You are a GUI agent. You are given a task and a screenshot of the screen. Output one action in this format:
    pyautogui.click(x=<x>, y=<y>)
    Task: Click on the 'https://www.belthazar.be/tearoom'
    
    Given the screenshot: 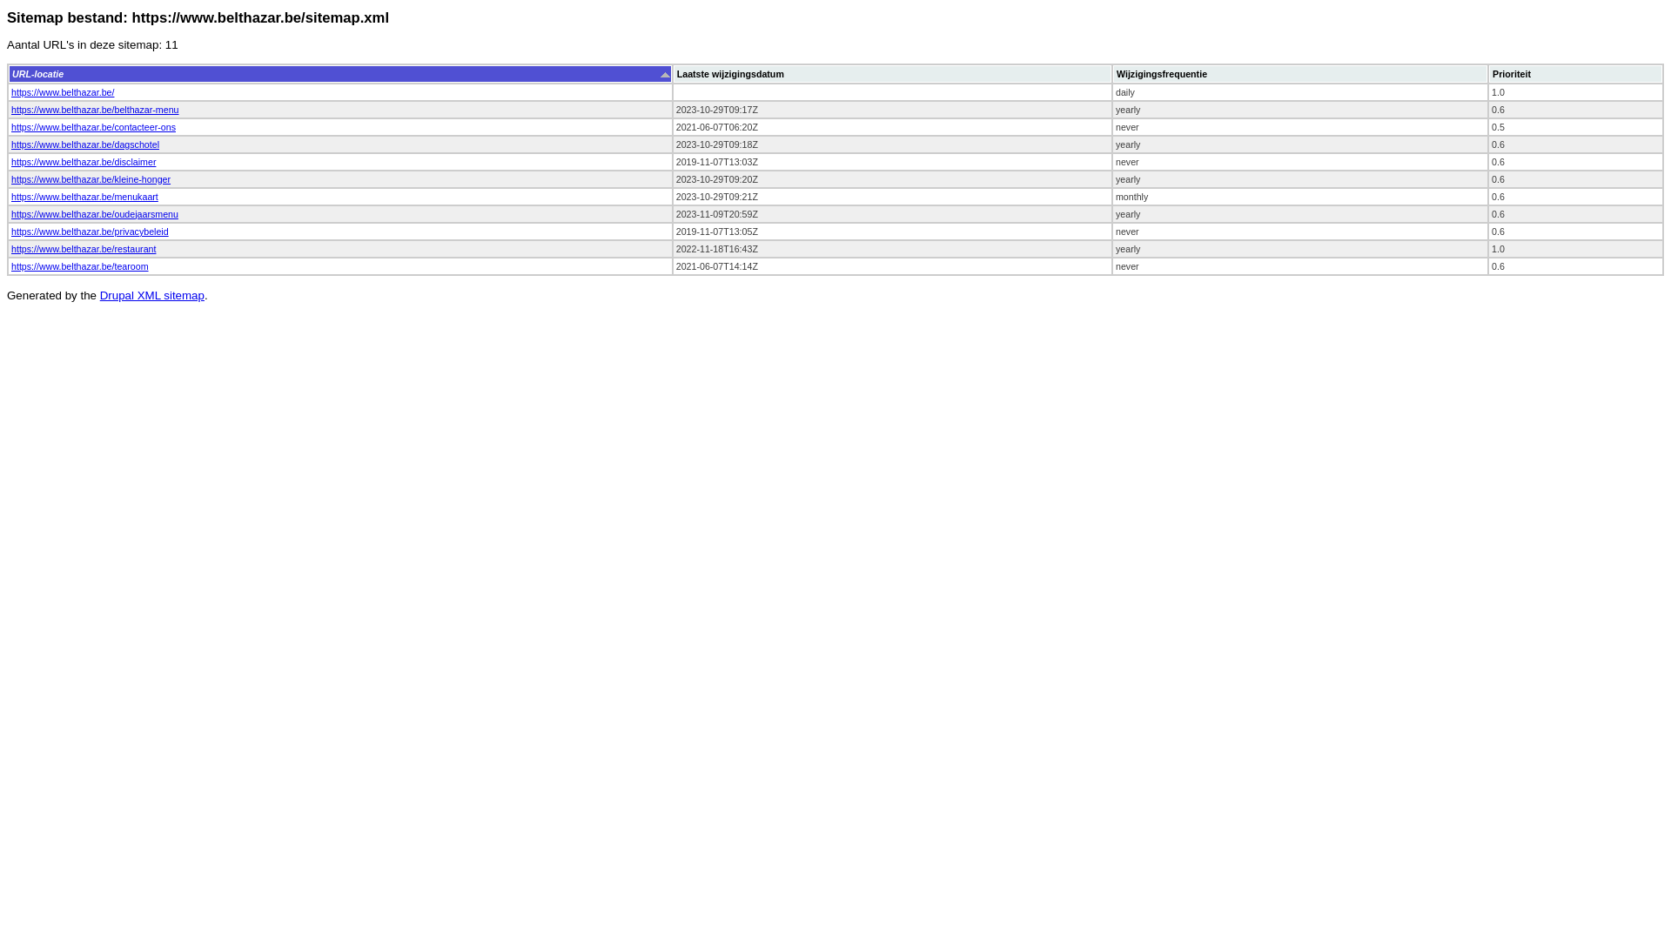 What is the action you would take?
    pyautogui.click(x=78, y=265)
    